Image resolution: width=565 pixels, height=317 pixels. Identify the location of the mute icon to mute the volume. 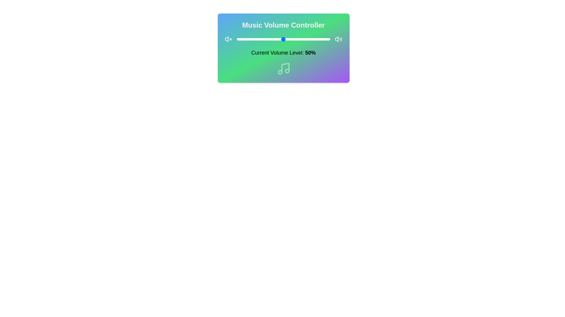
(228, 39).